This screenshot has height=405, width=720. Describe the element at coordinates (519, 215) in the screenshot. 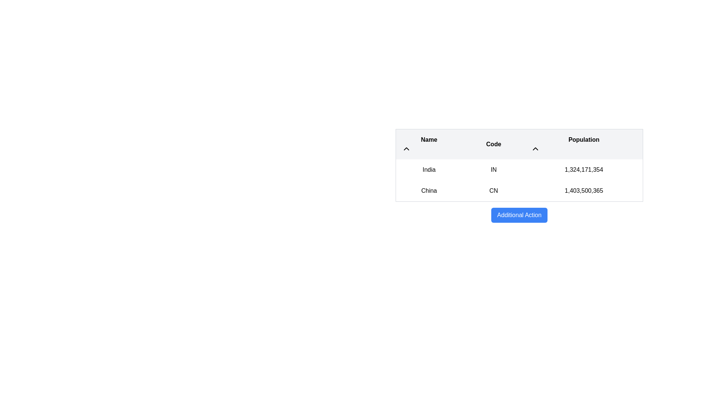

I see `the button labeled 'Additional Action' located directly underneath the population data table` at that location.